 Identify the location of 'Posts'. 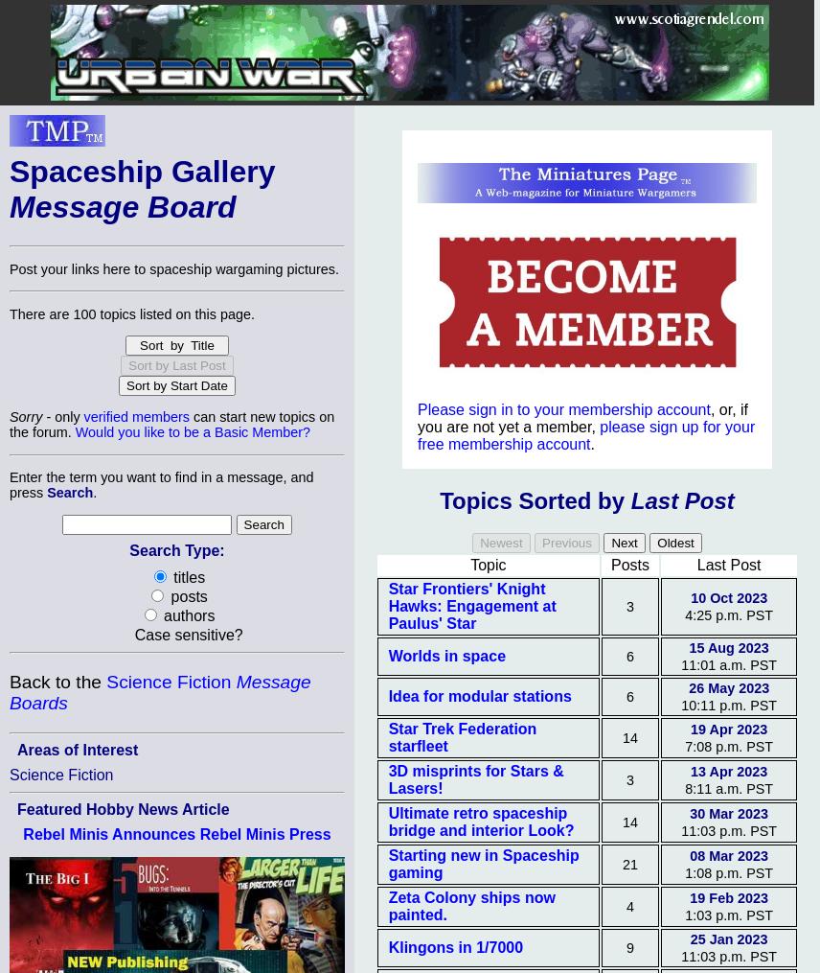
(628, 564).